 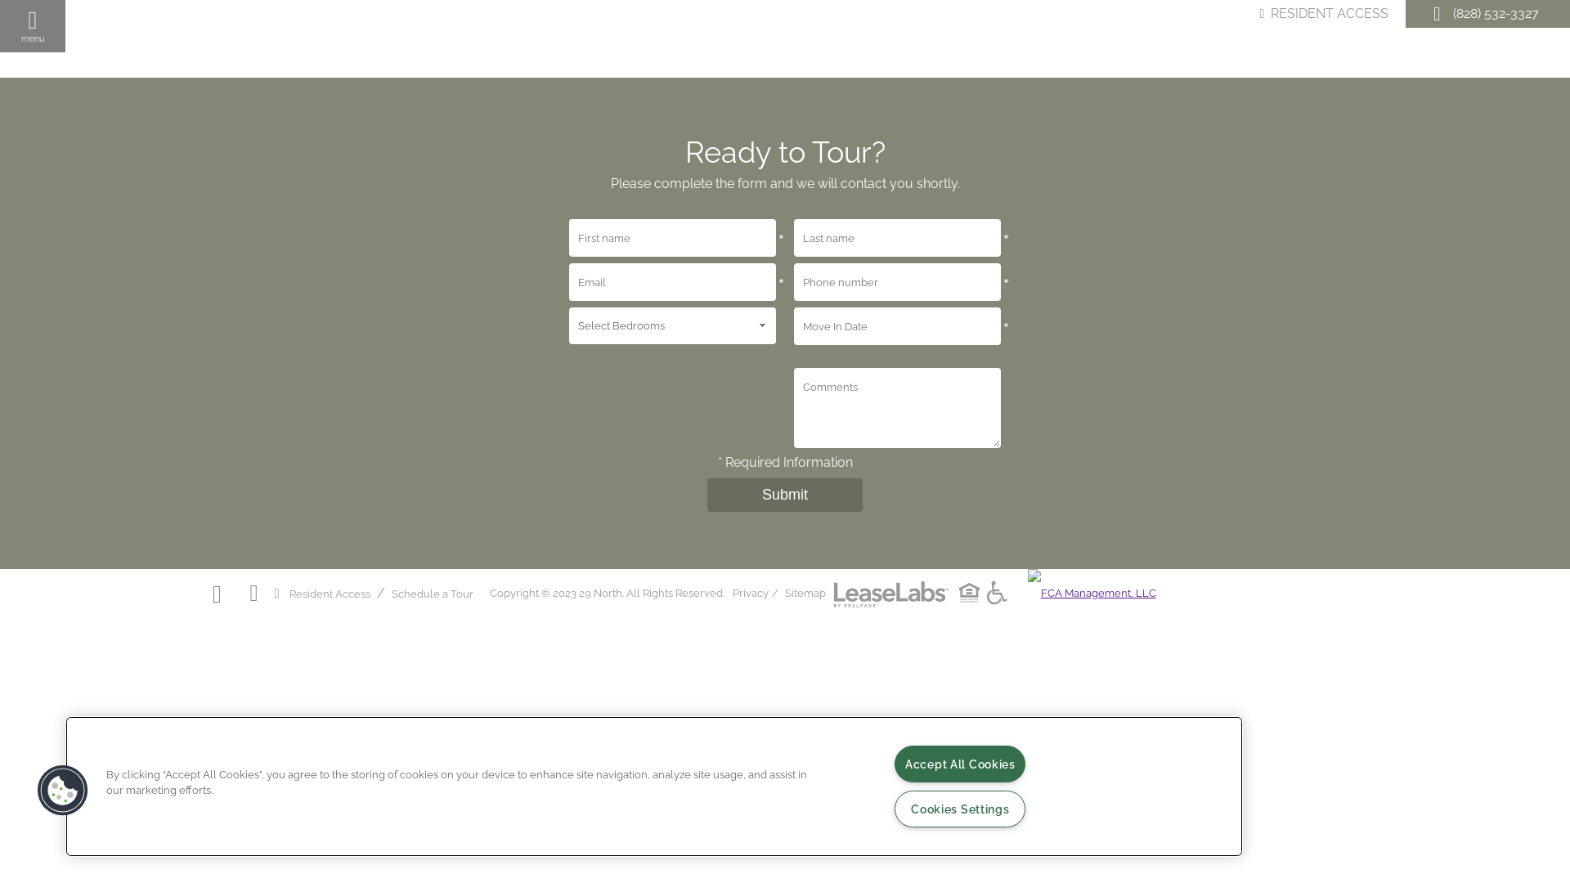 I want to click on 'Move In Date', so click(x=896, y=325).